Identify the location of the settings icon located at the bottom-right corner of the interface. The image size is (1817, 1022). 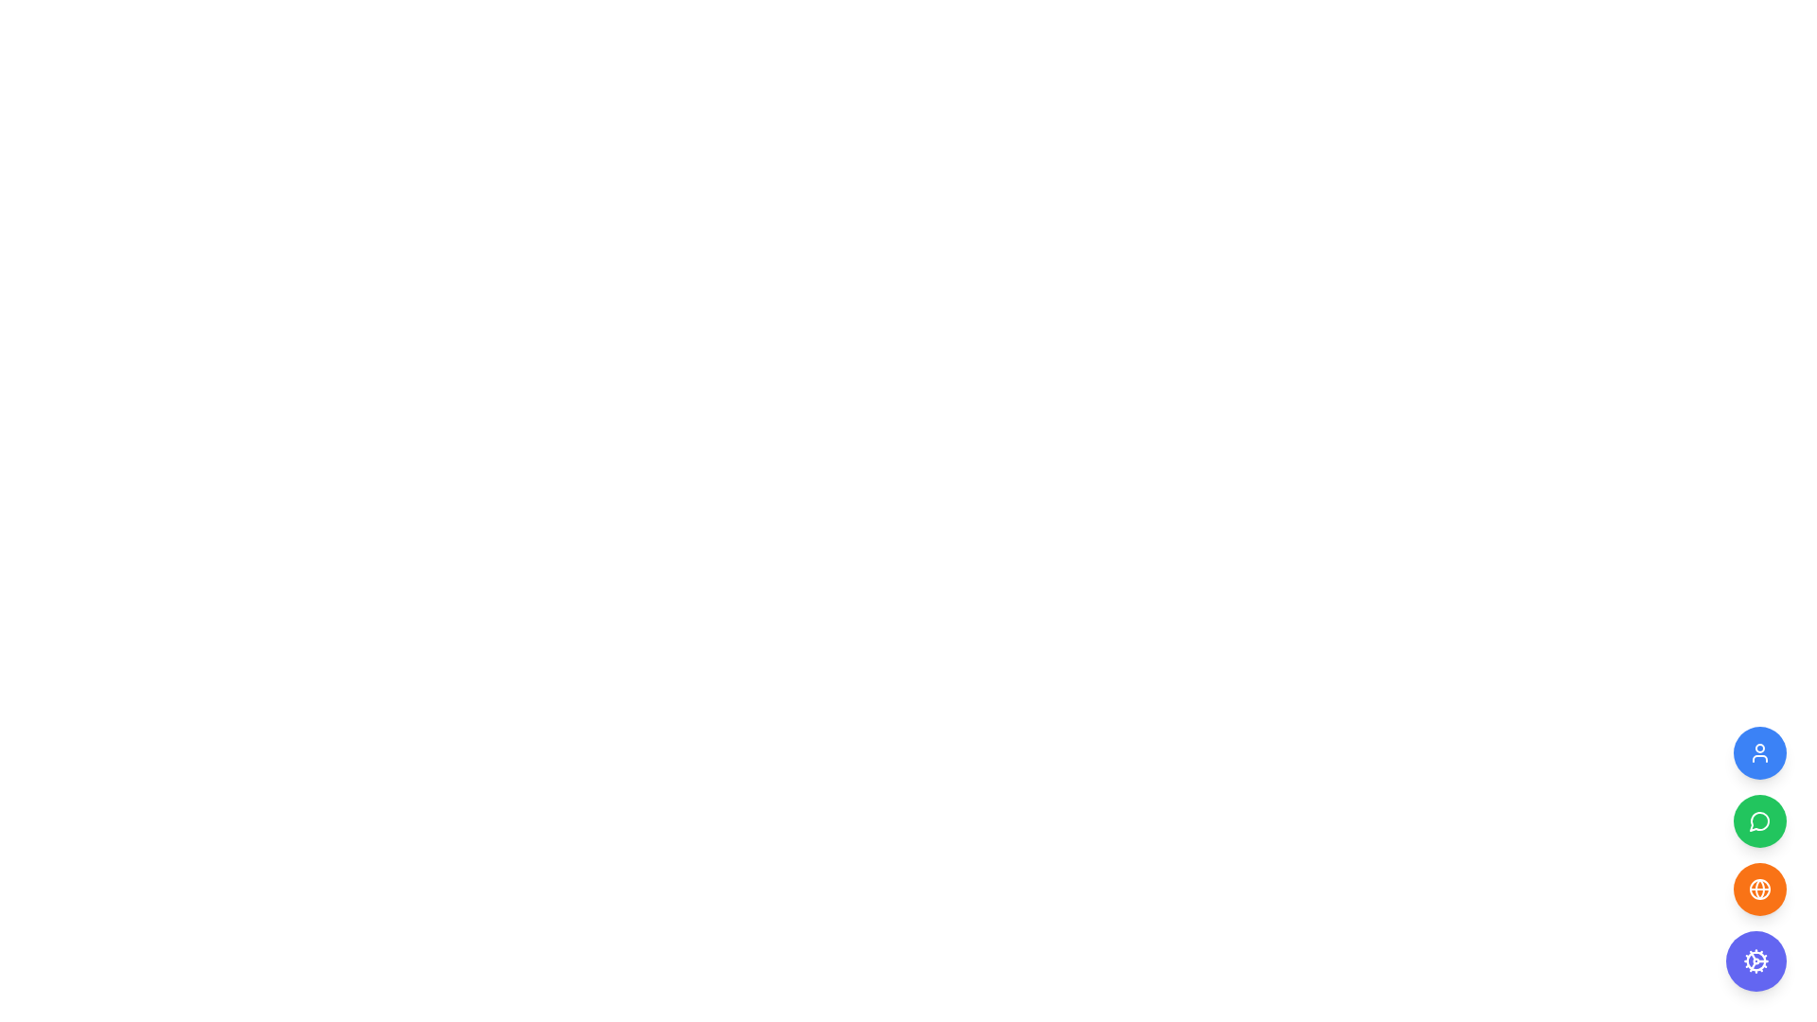
(1755, 960).